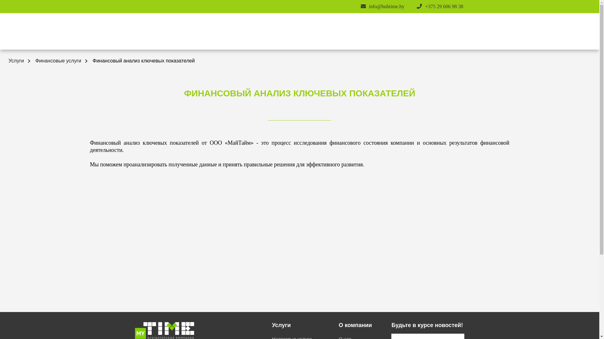  Describe the element at coordinates (425, 6) in the screenshot. I see `'+375 29 606 98 38'` at that location.